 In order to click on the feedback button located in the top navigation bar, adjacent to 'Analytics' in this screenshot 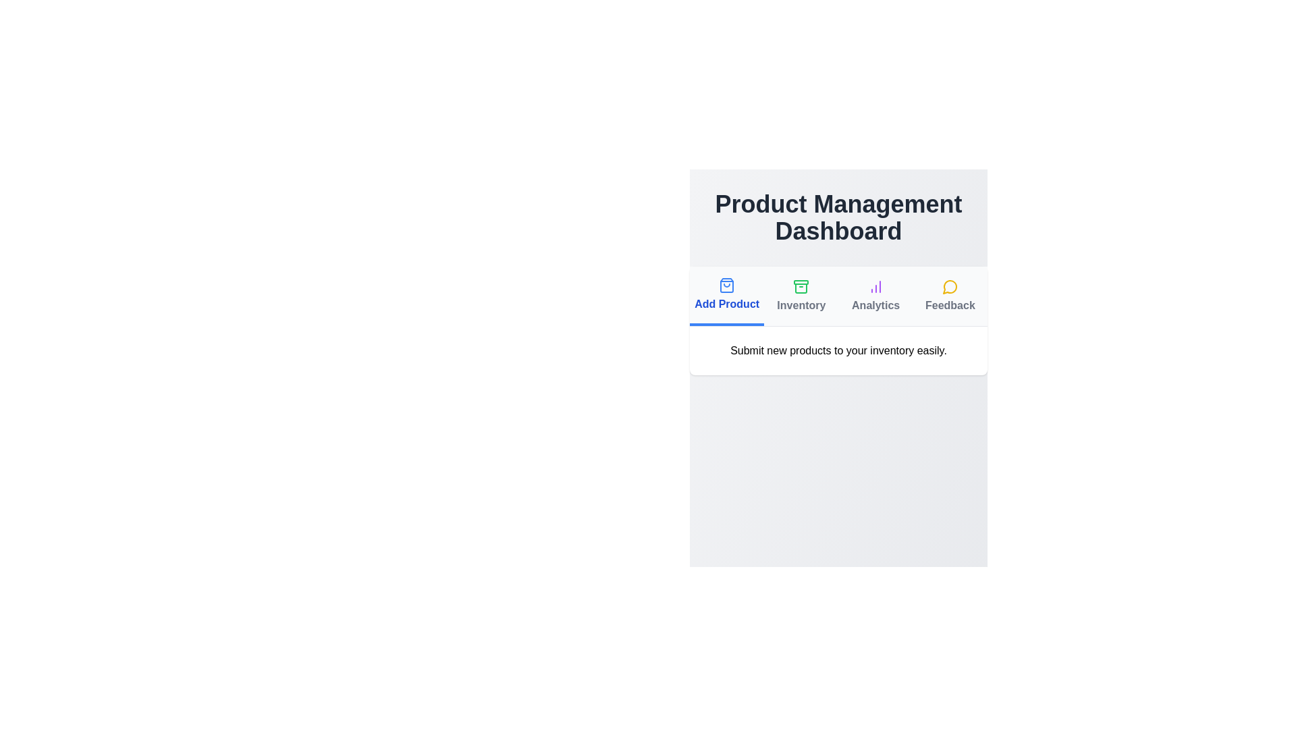, I will do `click(949, 296)`.